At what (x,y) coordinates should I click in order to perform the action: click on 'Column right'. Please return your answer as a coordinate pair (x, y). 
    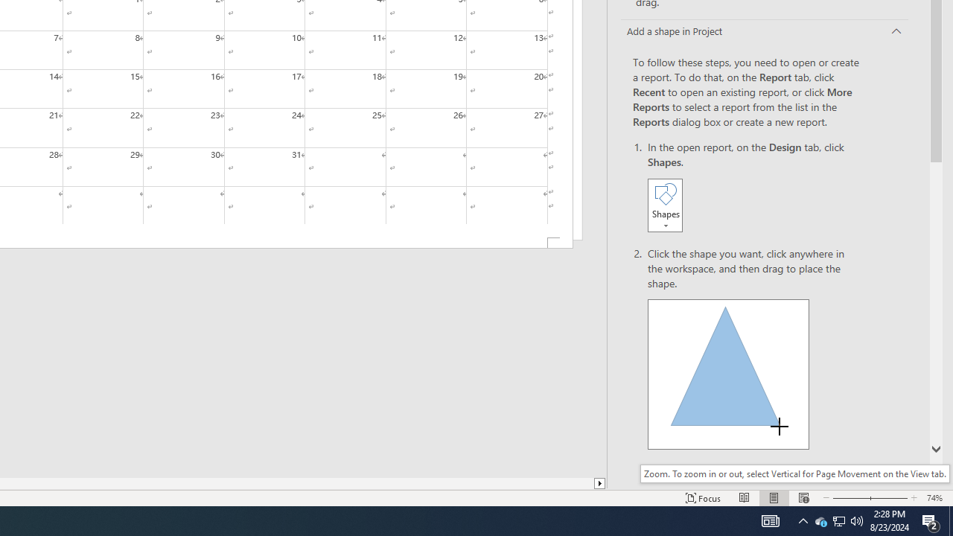
    Looking at the image, I should click on (600, 483).